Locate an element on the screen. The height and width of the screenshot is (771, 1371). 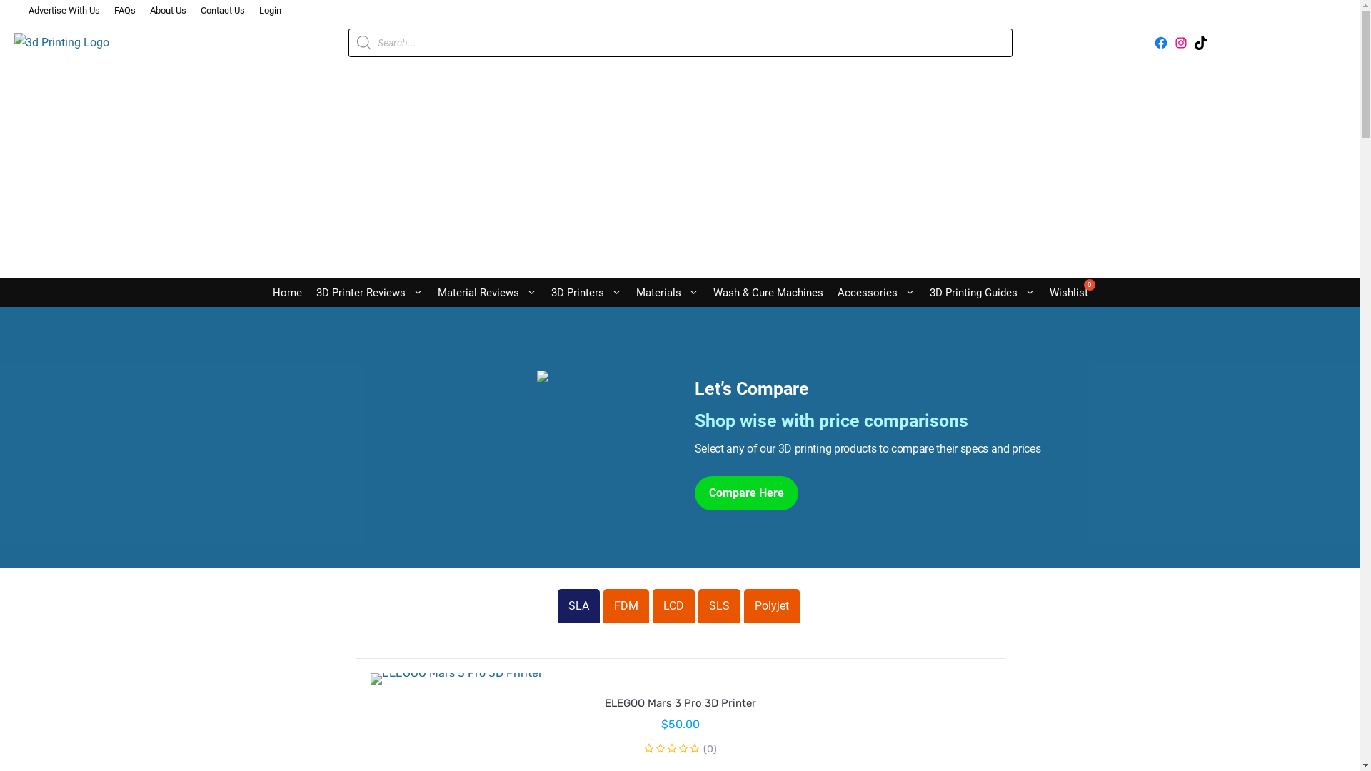
'Compare Here' is located at coordinates (745, 492).